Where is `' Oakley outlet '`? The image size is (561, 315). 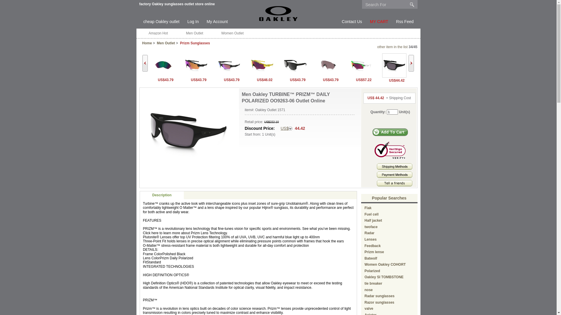 ' Oakley outlet ' is located at coordinates (278, 13).